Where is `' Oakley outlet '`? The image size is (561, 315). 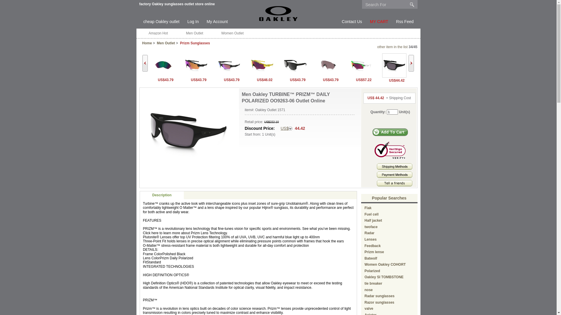 ' Oakley outlet ' is located at coordinates (278, 13).